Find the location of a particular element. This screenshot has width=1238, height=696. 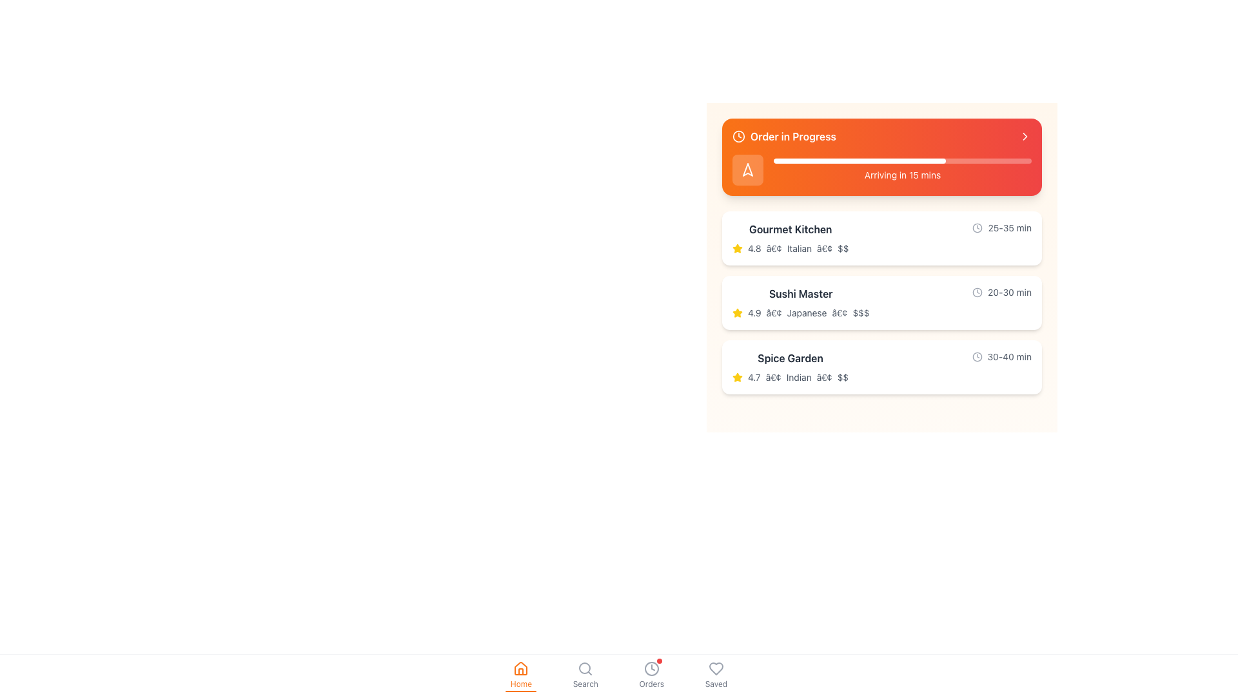

the triangular icon filled with a gradient from orange to light orange, located in the top-right corner before the text 'Order in Progress' is located at coordinates (748, 169).